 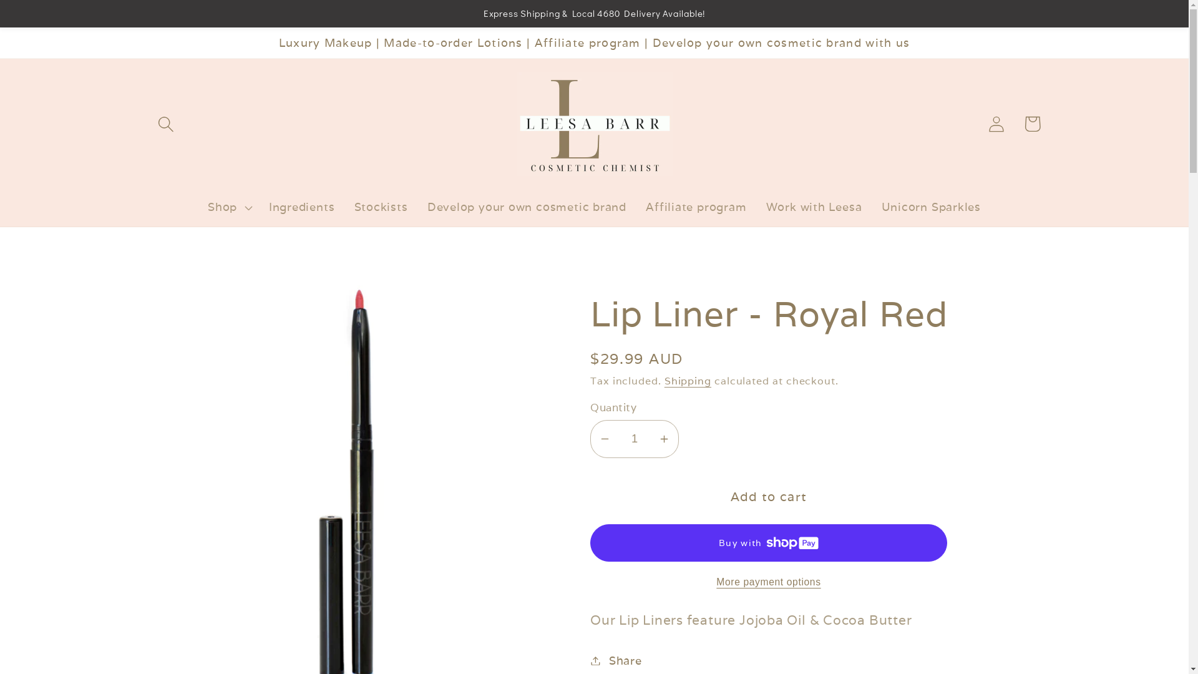 What do you see at coordinates (814, 206) in the screenshot?
I see `'Work with Leesa'` at bounding box center [814, 206].